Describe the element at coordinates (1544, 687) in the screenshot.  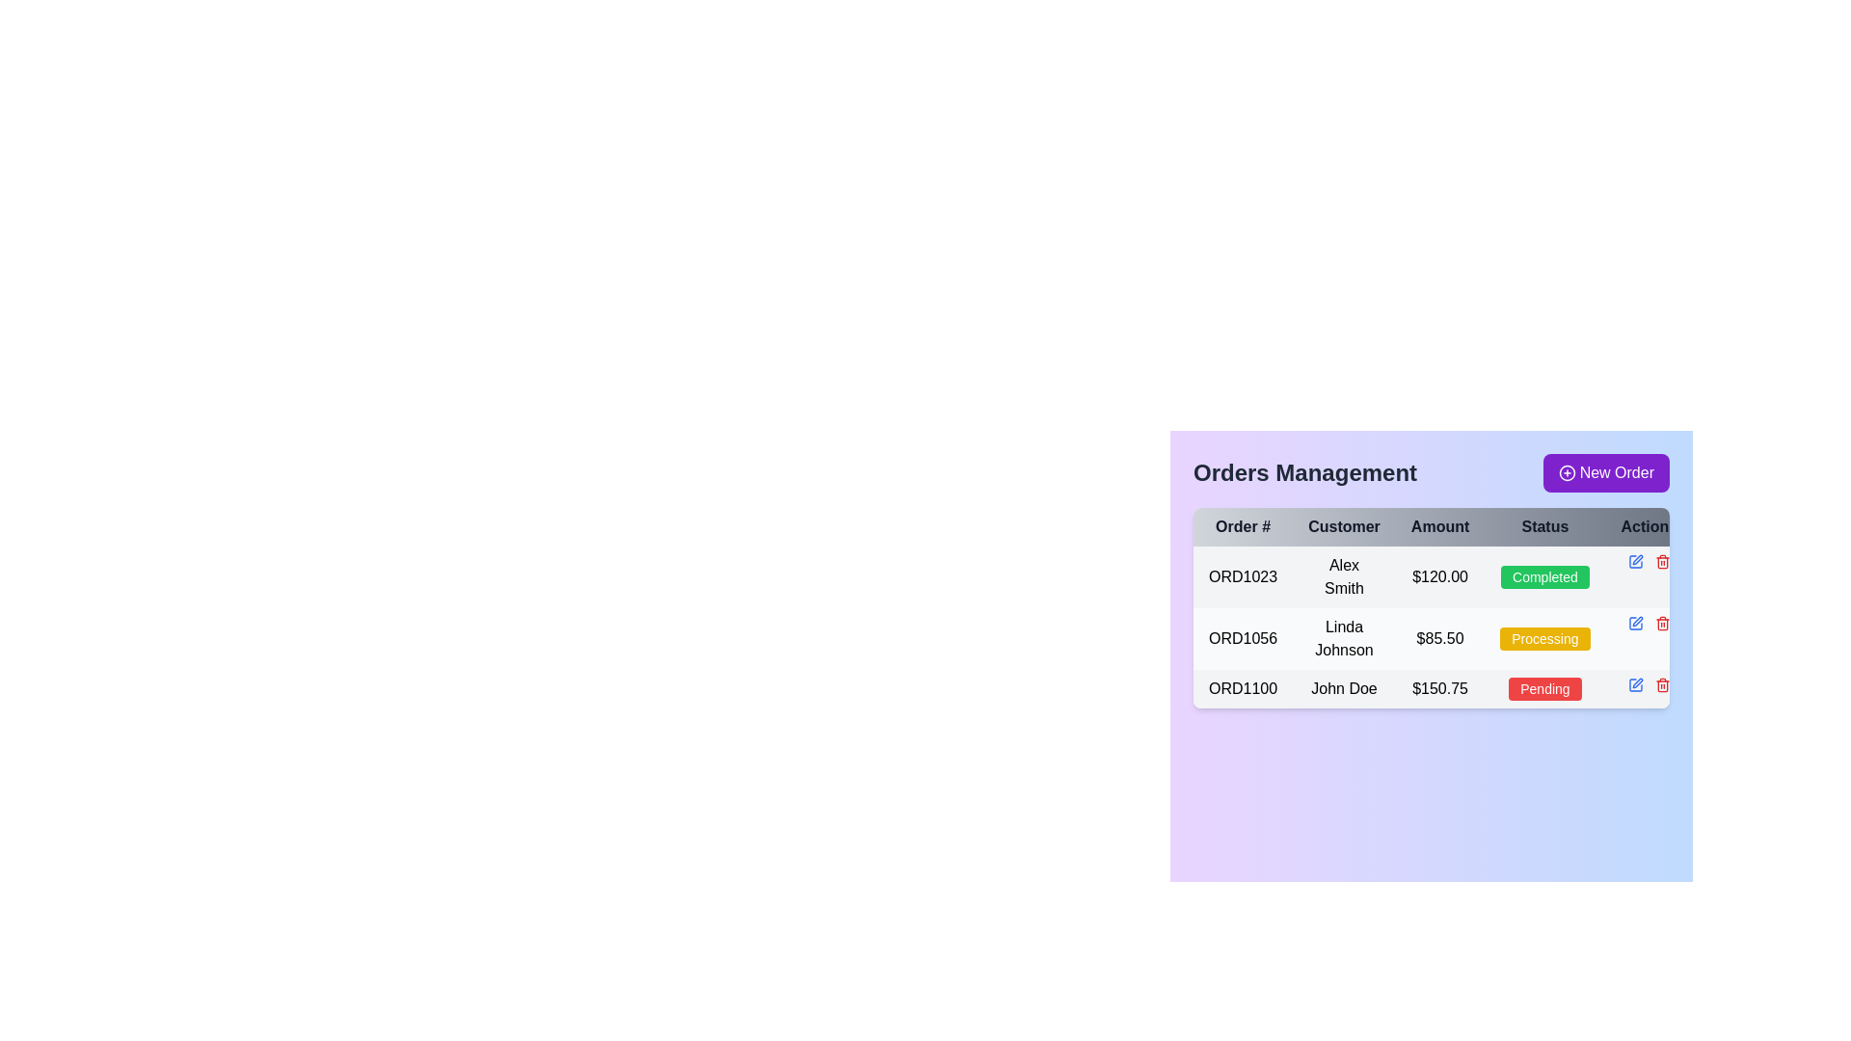
I see `the 'Pending' status badge in the 'Orders Management' table associated with 'John Doe' and order ID 'ORD1100'` at that location.